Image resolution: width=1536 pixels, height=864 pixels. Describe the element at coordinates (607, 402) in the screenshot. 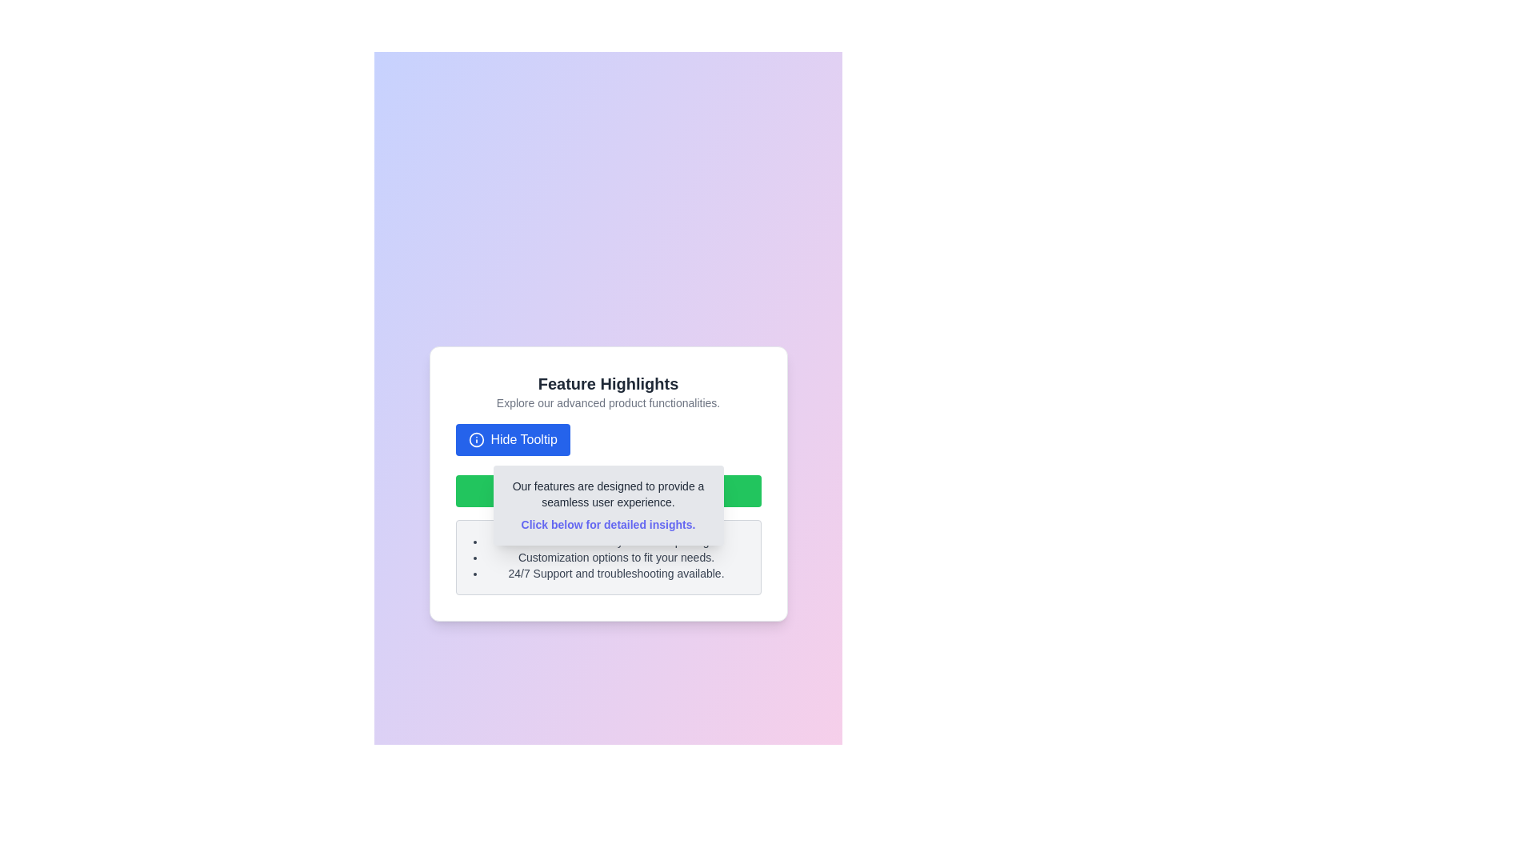

I see `text from the light gray text block located under the 'Feature Highlights' title` at that location.